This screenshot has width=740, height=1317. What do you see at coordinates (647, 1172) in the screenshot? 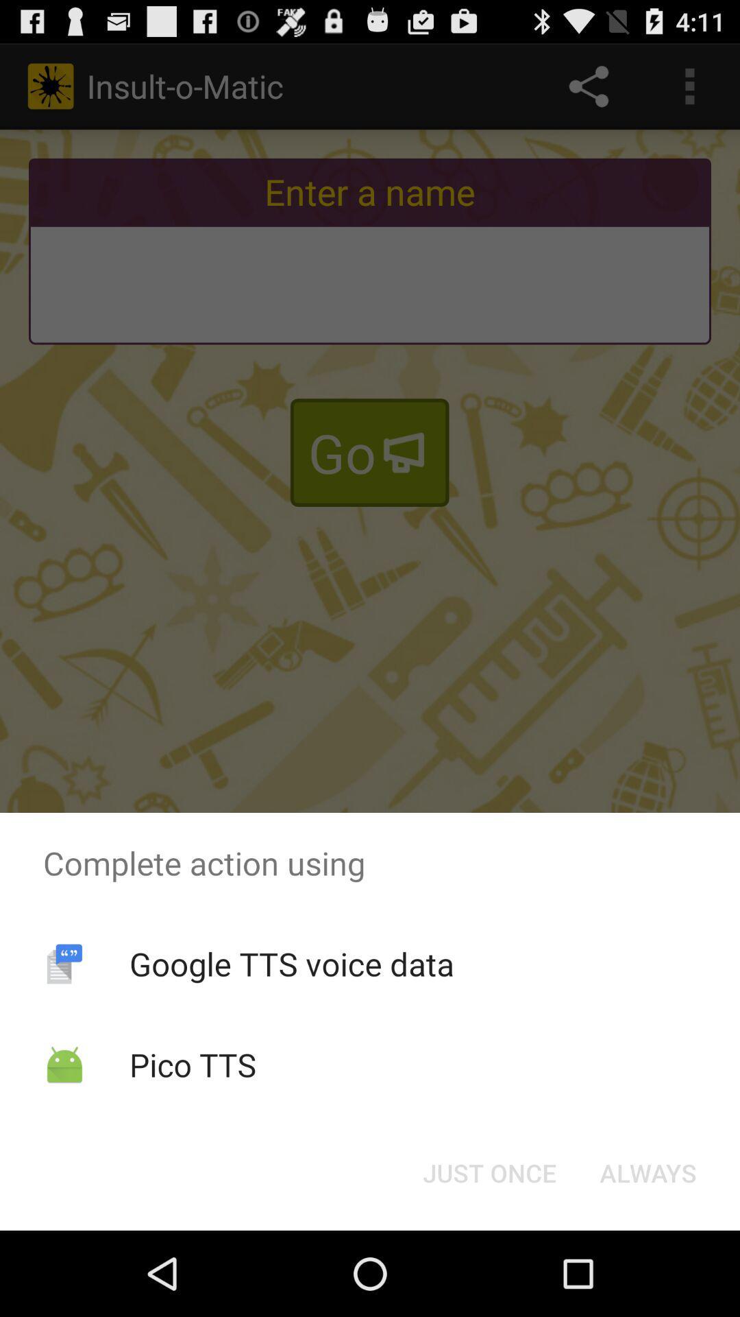
I see `icon next to the just once item` at bounding box center [647, 1172].